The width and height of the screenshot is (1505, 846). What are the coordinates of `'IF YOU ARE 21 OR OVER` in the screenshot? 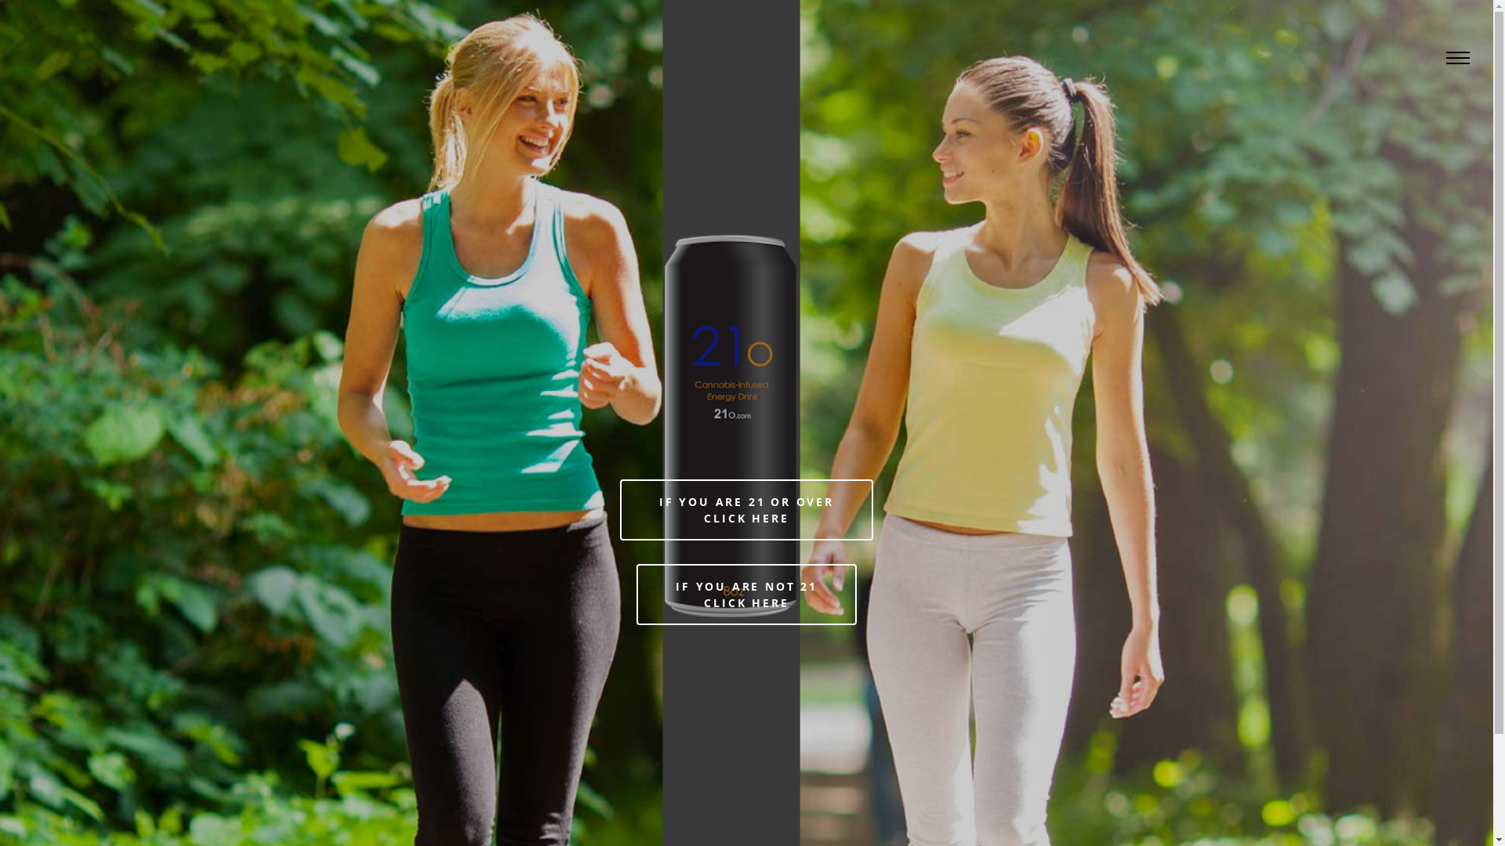 It's located at (745, 510).